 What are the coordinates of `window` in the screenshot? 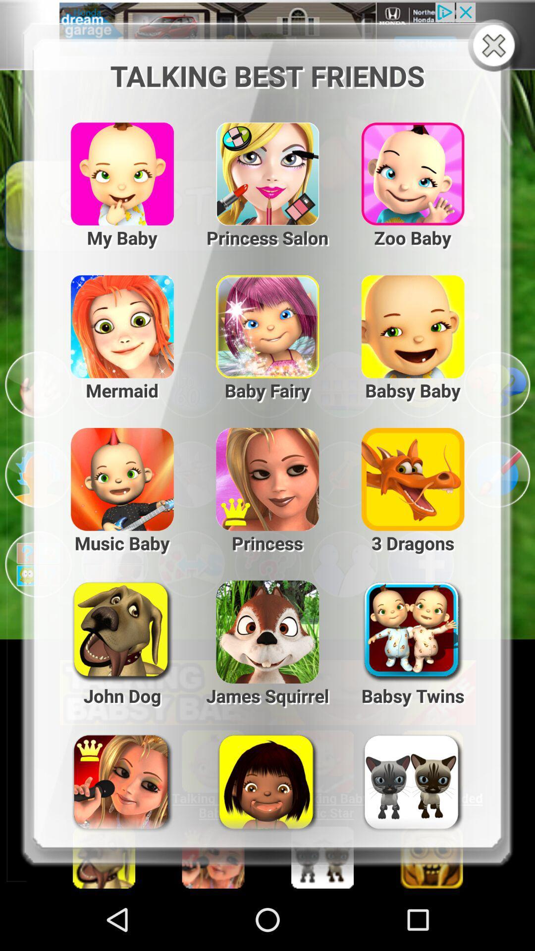 It's located at (496, 46).